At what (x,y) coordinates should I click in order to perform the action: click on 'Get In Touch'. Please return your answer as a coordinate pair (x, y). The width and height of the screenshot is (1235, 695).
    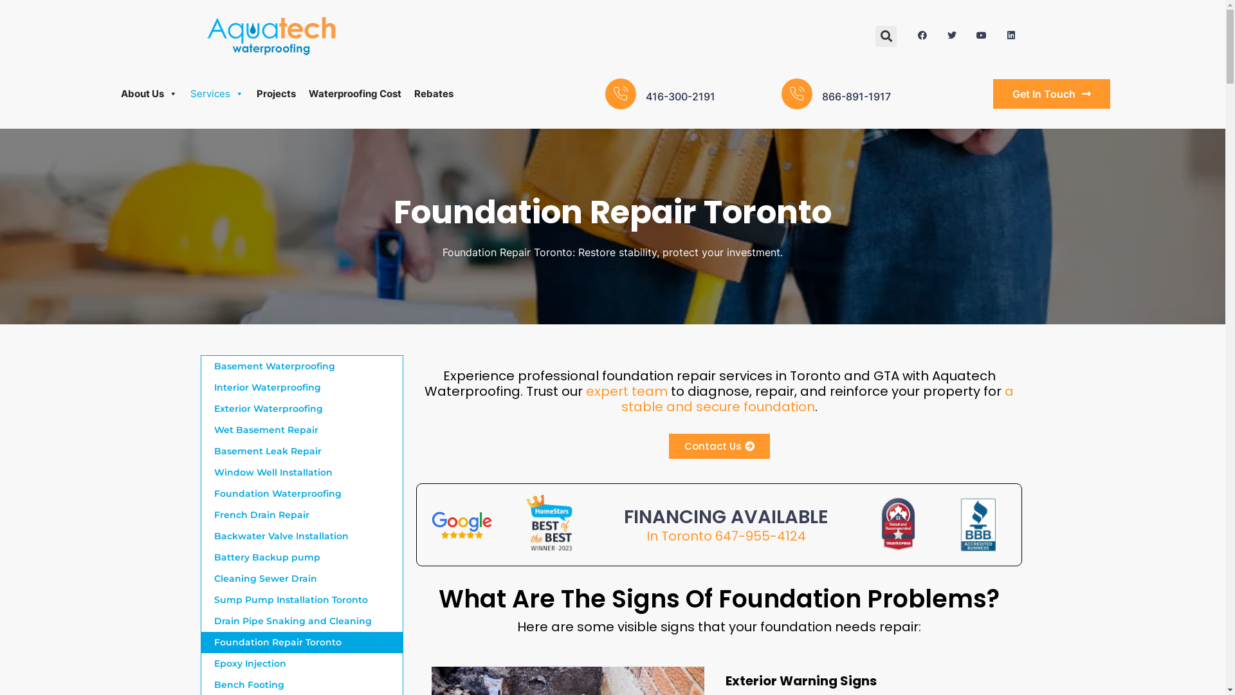
    Looking at the image, I should click on (1052, 93).